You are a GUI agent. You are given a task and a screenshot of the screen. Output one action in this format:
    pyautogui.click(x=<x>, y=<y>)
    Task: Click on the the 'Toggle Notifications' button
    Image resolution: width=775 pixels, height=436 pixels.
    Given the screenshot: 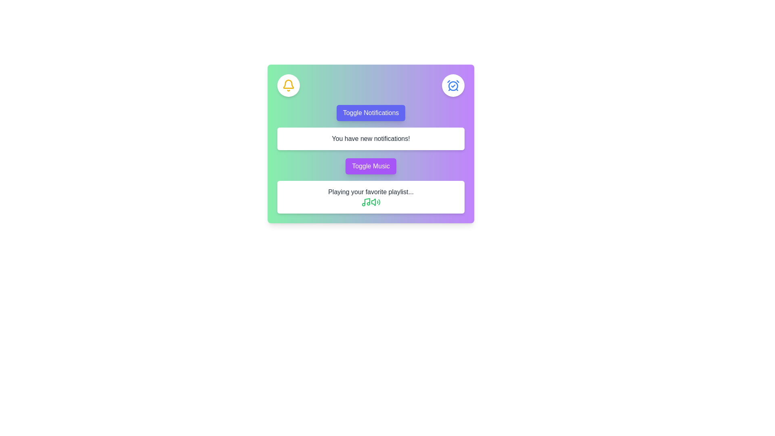 What is the action you would take?
    pyautogui.click(x=370, y=113)
    